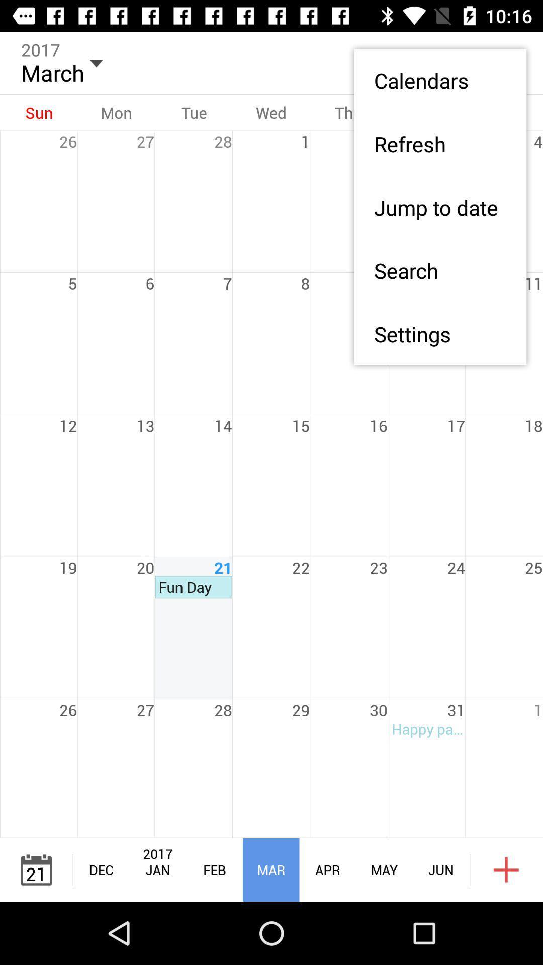 Image resolution: width=543 pixels, height=965 pixels. I want to click on item above settings item, so click(439, 270).